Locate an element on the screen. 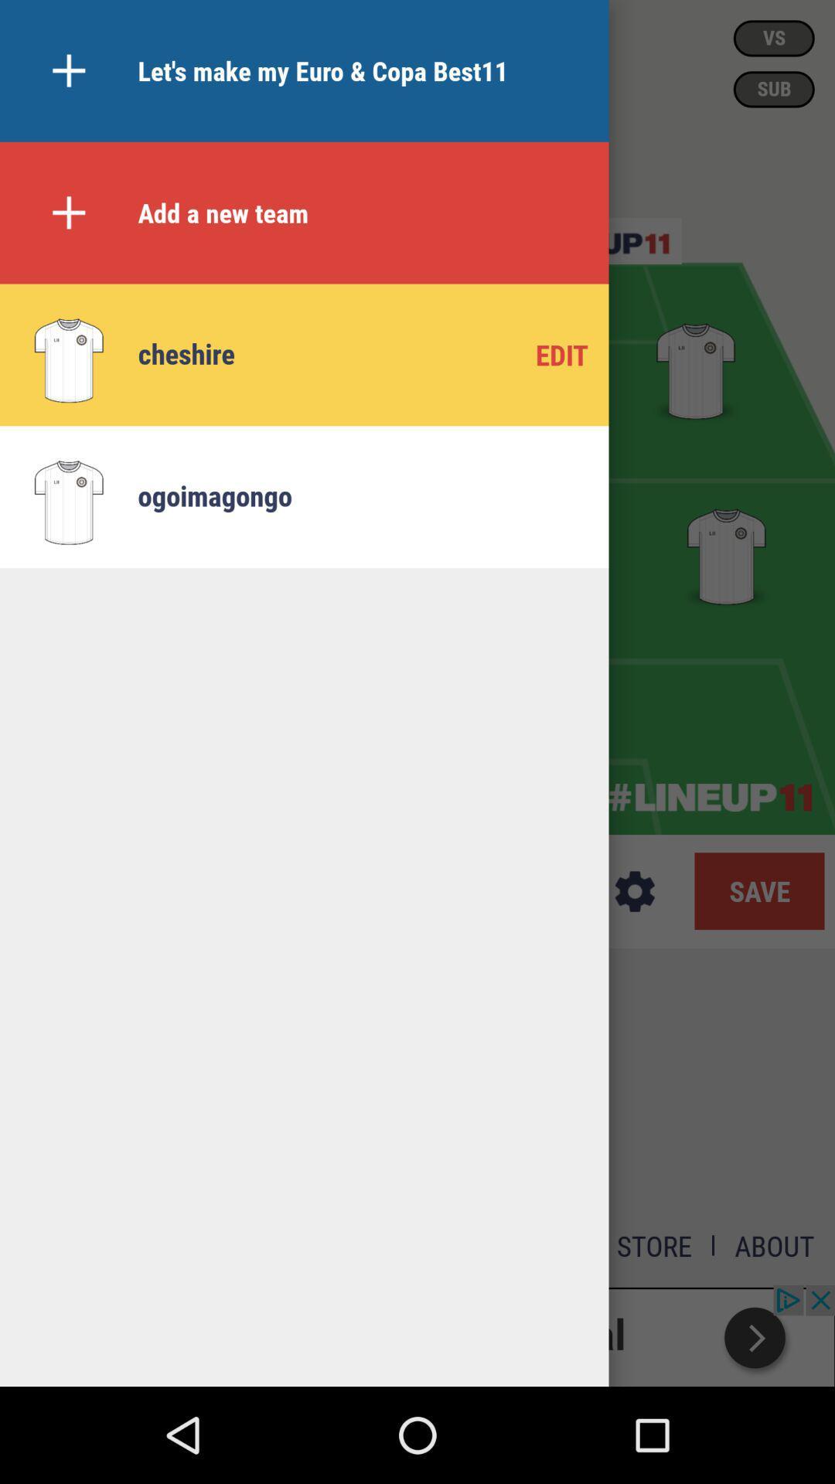  the sliders icon is located at coordinates (602, 240).